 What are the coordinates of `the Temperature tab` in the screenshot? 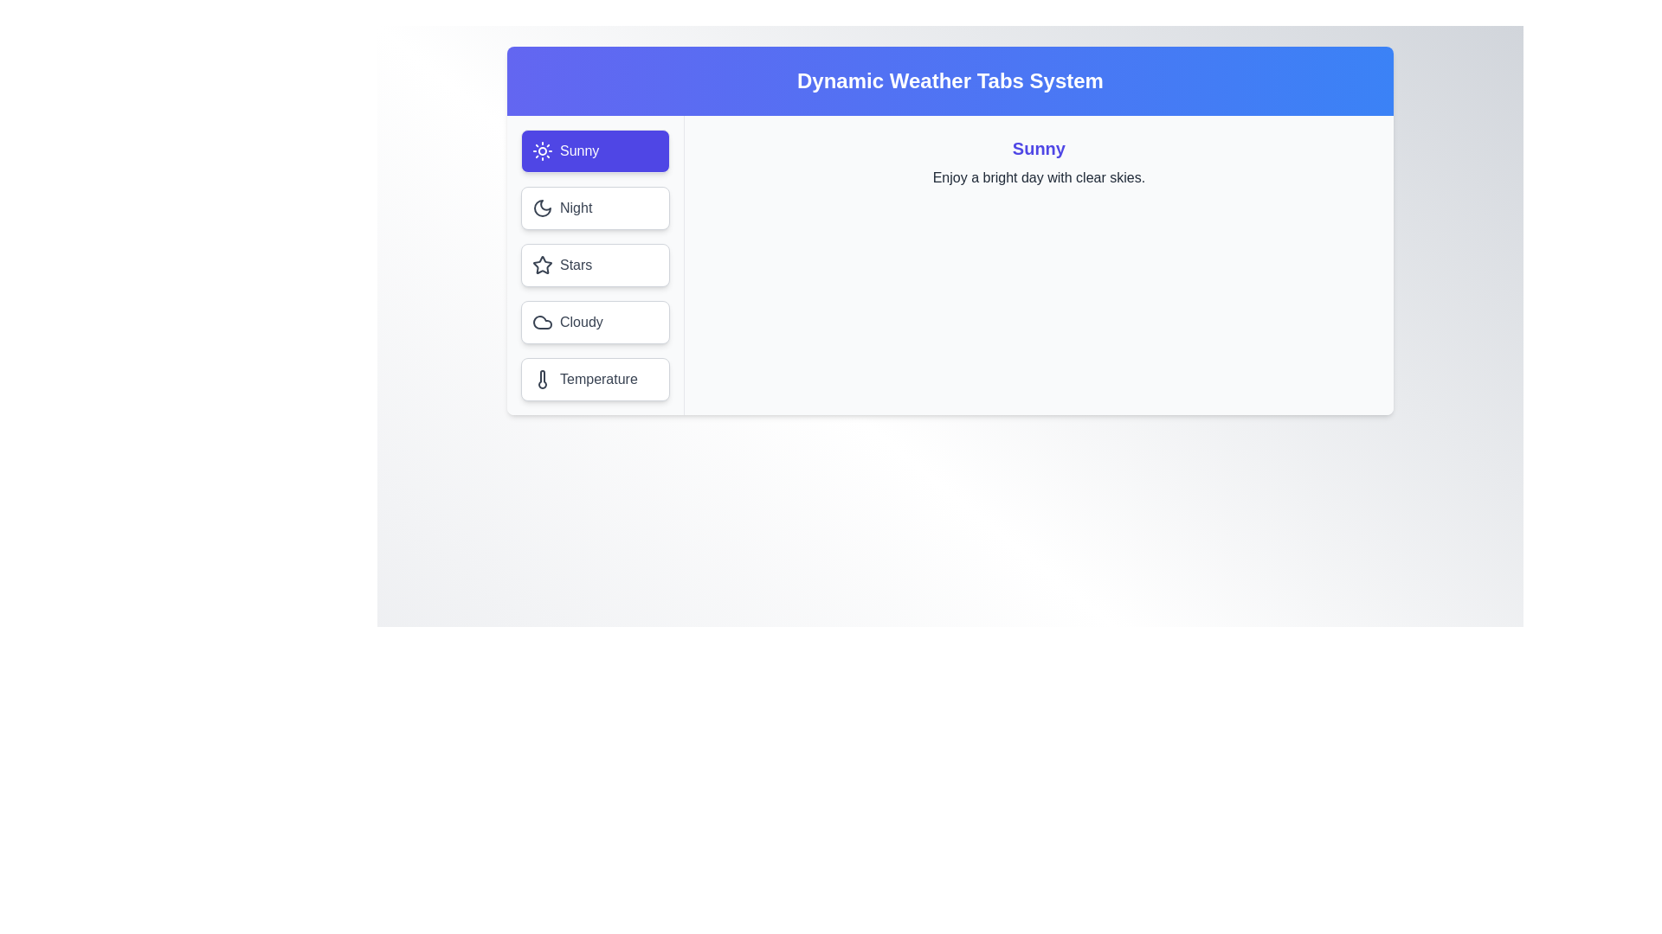 It's located at (595, 379).